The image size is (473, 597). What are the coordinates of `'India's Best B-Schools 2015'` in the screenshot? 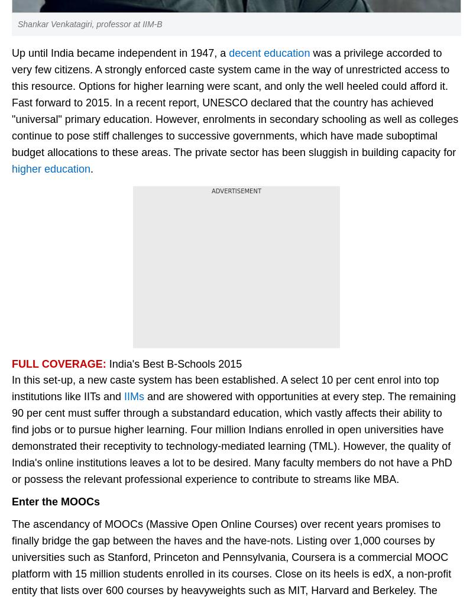 It's located at (175, 363).